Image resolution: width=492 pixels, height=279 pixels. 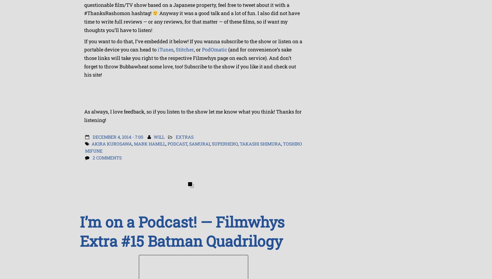 I want to click on 'Superhero', so click(x=225, y=143).